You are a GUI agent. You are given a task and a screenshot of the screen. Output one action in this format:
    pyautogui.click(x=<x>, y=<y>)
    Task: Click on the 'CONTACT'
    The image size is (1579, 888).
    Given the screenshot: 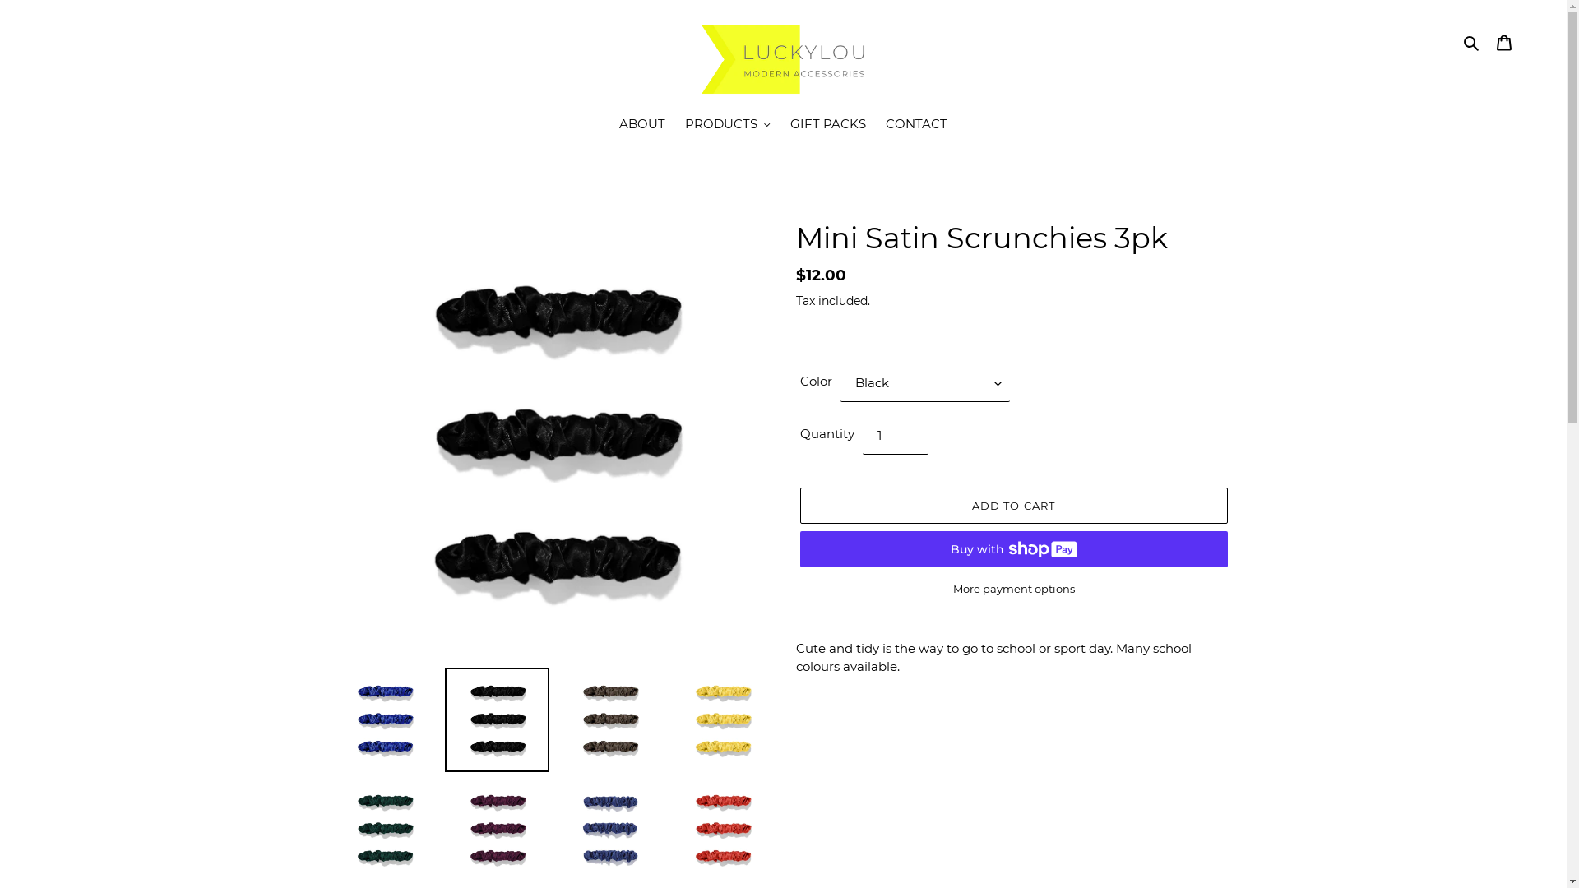 What is the action you would take?
    pyautogui.click(x=876, y=125)
    